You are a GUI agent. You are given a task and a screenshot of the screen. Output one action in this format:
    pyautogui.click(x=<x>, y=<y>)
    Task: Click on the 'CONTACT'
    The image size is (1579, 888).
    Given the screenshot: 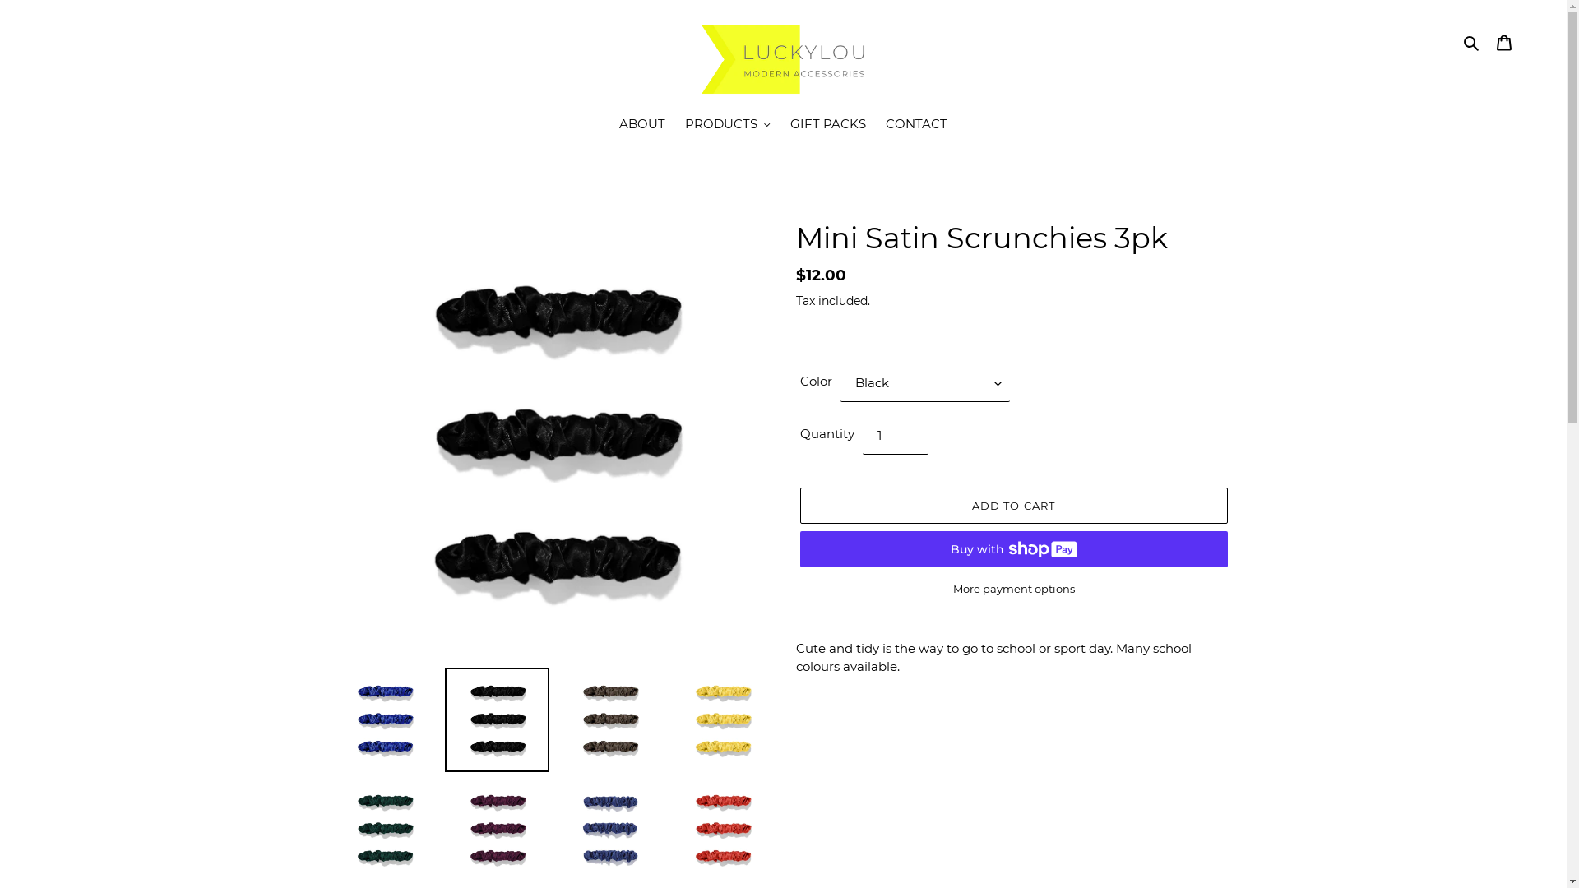 What is the action you would take?
    pyautogui.click(x=876, y=125)
    